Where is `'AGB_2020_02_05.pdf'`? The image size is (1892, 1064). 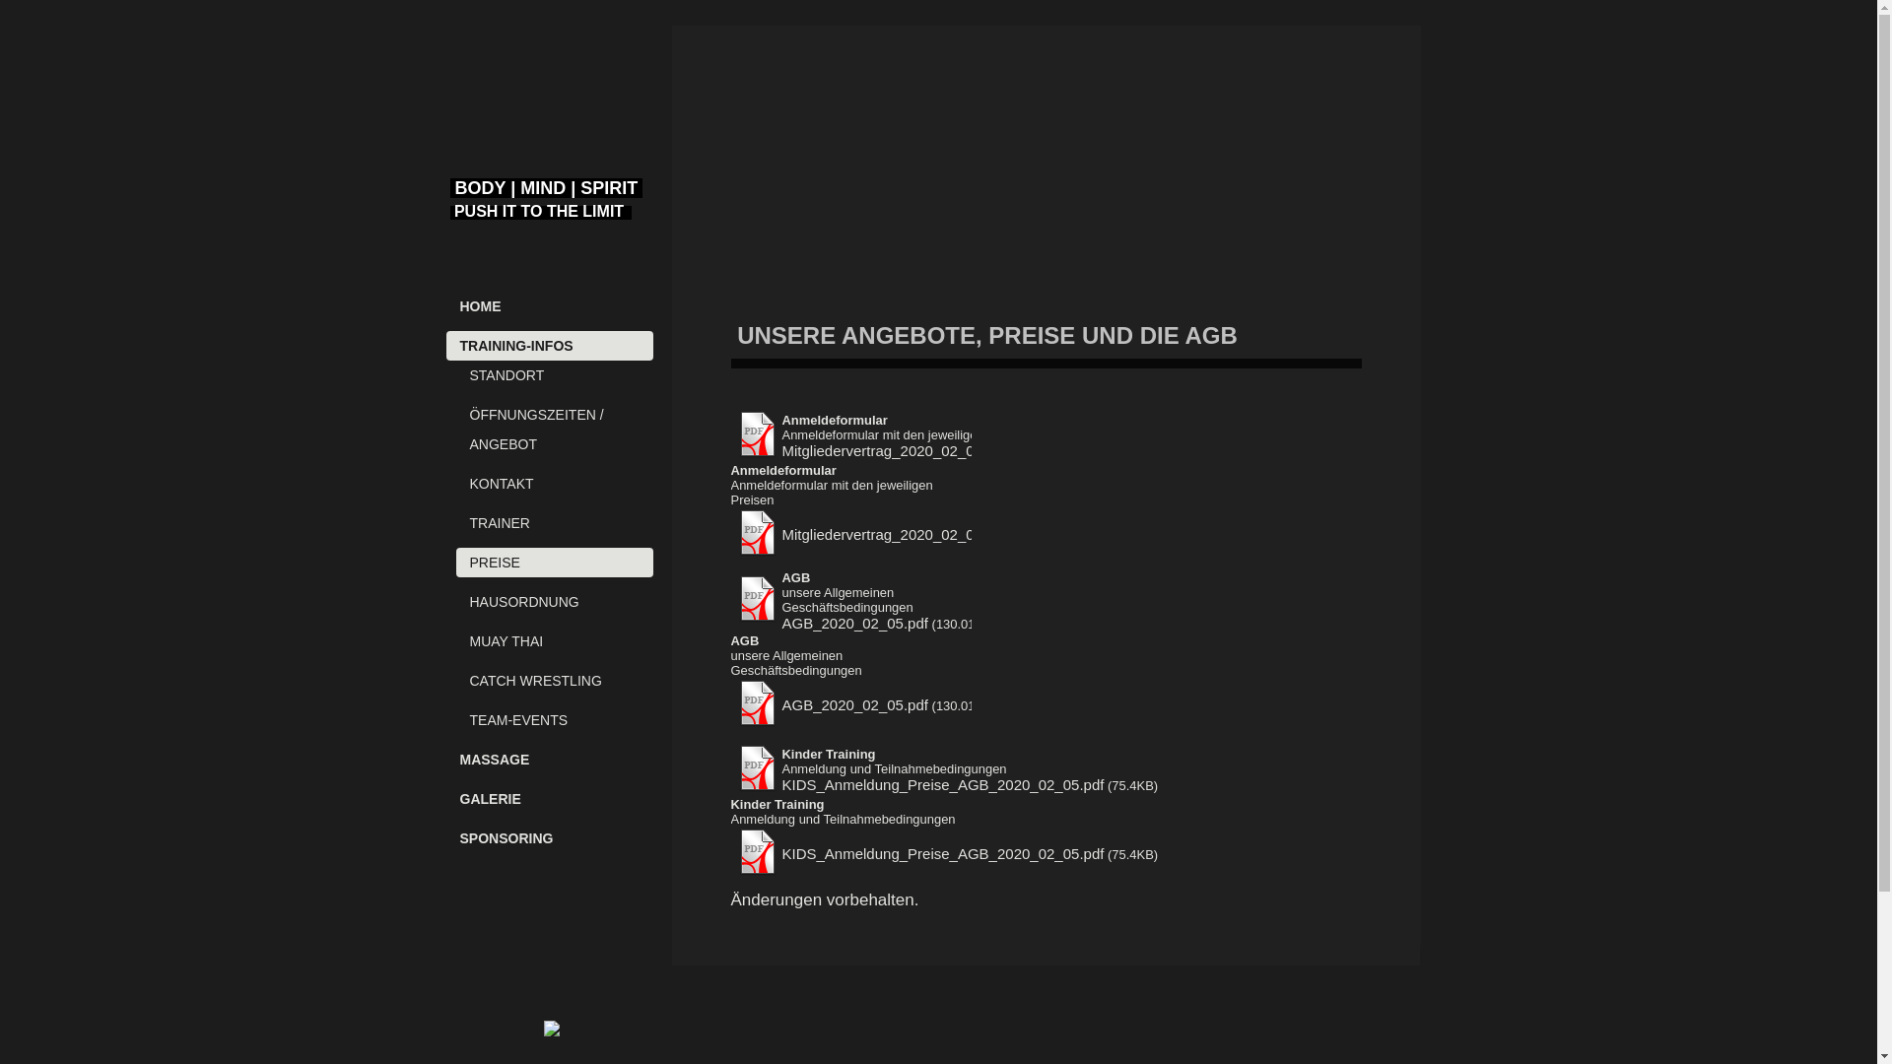
'AGB_2020_02_05.pdf' is located at coordinates (780, 703).